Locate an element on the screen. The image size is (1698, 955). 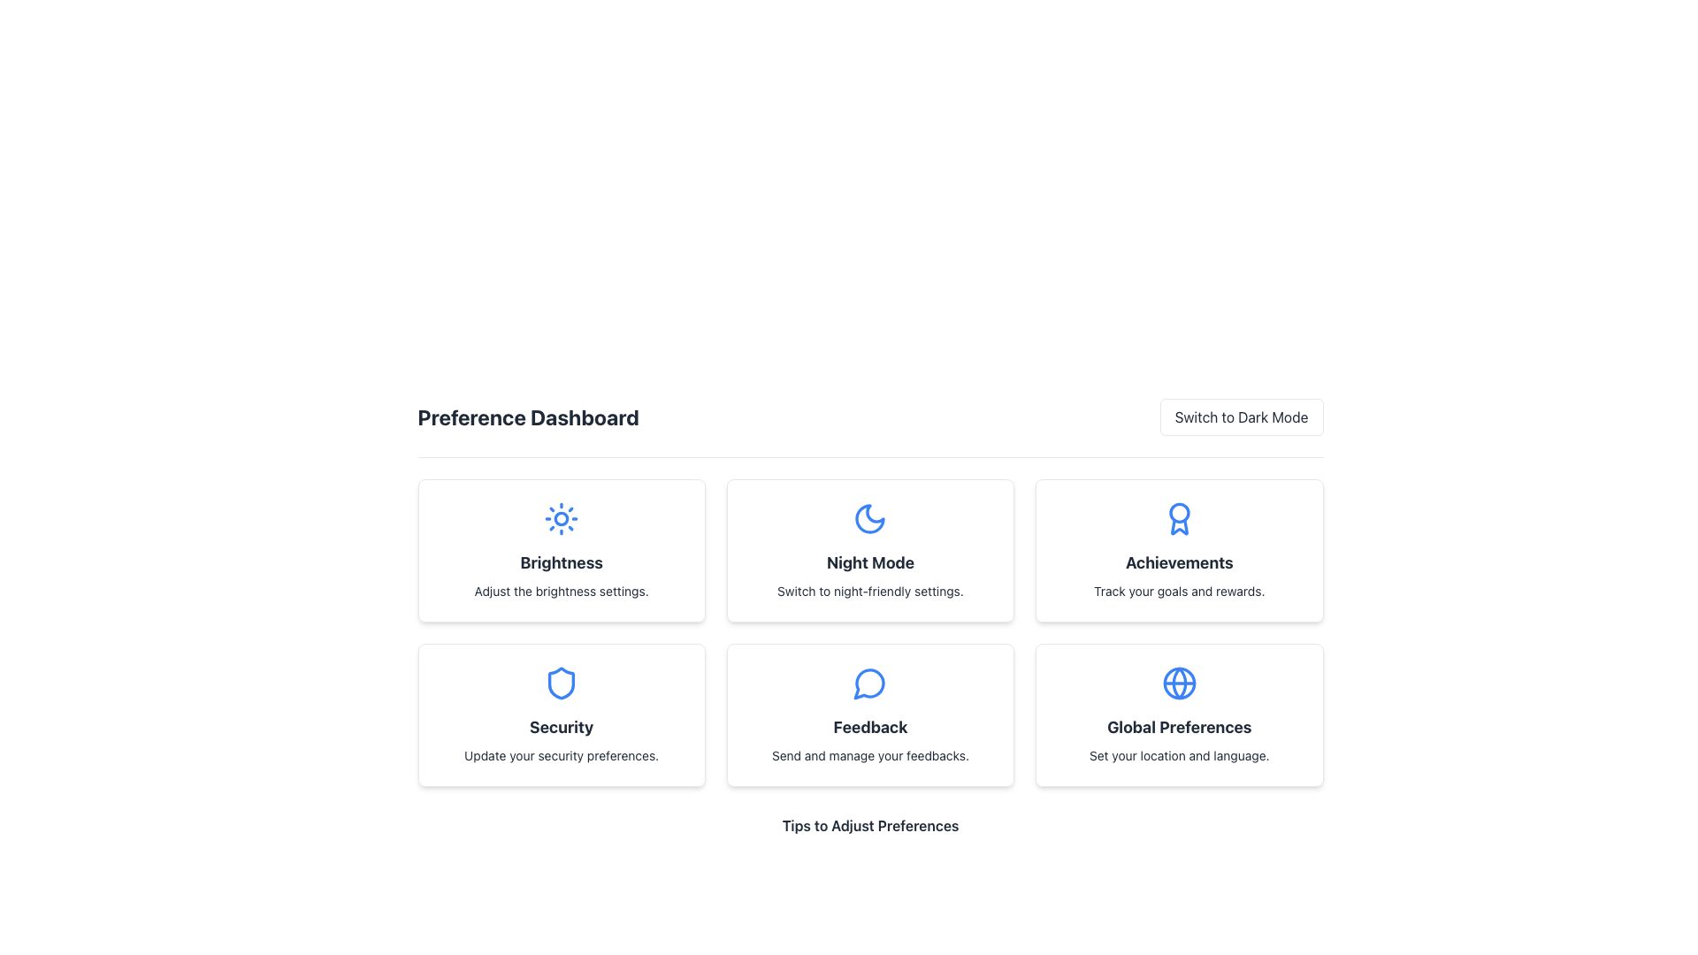
the brightness settings card, which is the first card in the first row of the grid layout, located slightly below the 'Preference Dashboard' heading is located at coordinates (561, 550).